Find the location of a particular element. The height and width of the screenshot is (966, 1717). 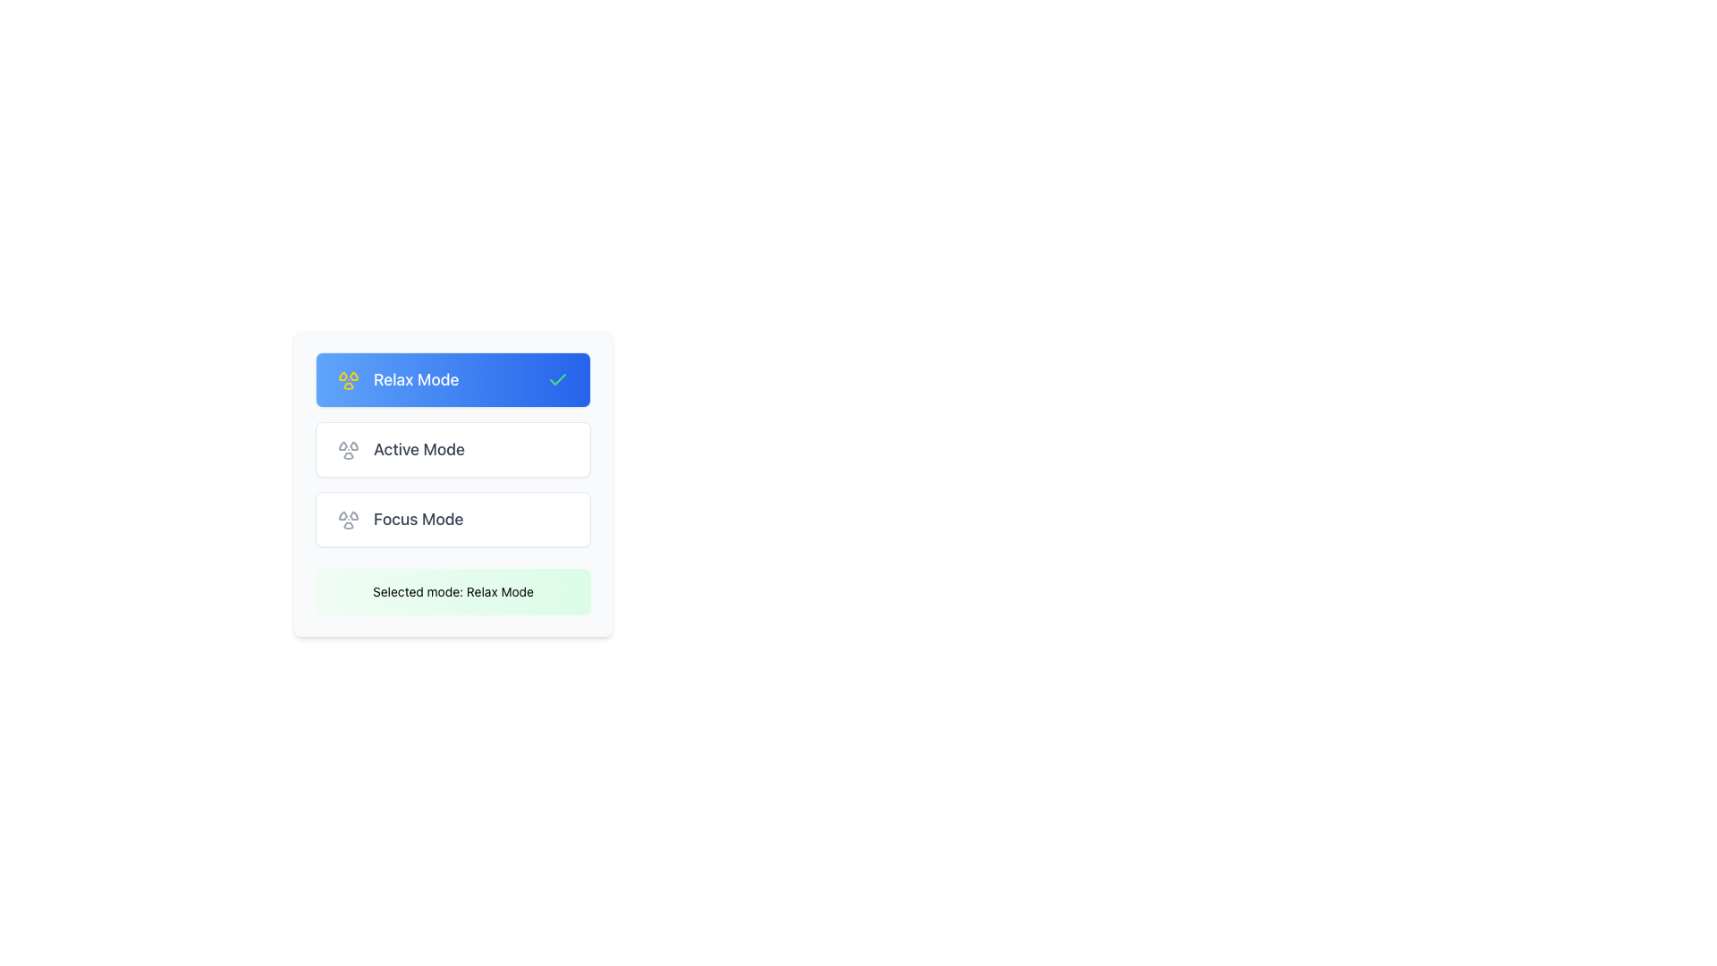

text 'Active Mode' from the text label styled in dark gray font, positioned in the second row of a vertically stacked list of modes, between 'Relax Mode' and 'Focus Mode' is located at coordinates (419, 448).